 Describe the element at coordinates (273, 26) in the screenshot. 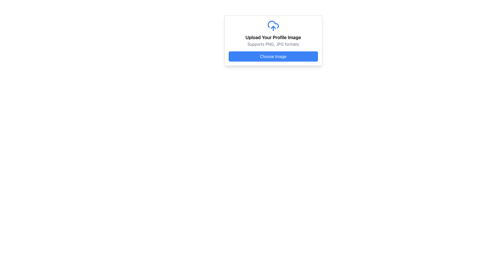

I see `the upload icon located at the top of the rectangular card that indicates the 'Upload Your Profile Image' functionality` at that location.